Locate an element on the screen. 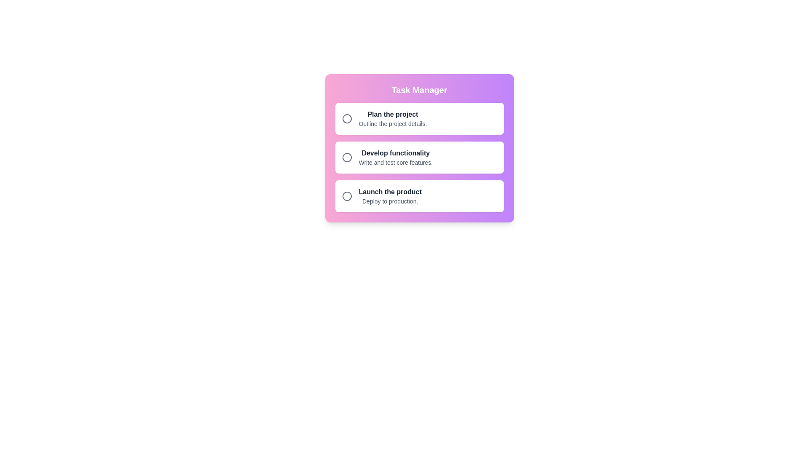 This screenshot has width=809, height=455. the header text labeled 'Task Manager' is located at coordinates (419, 90).